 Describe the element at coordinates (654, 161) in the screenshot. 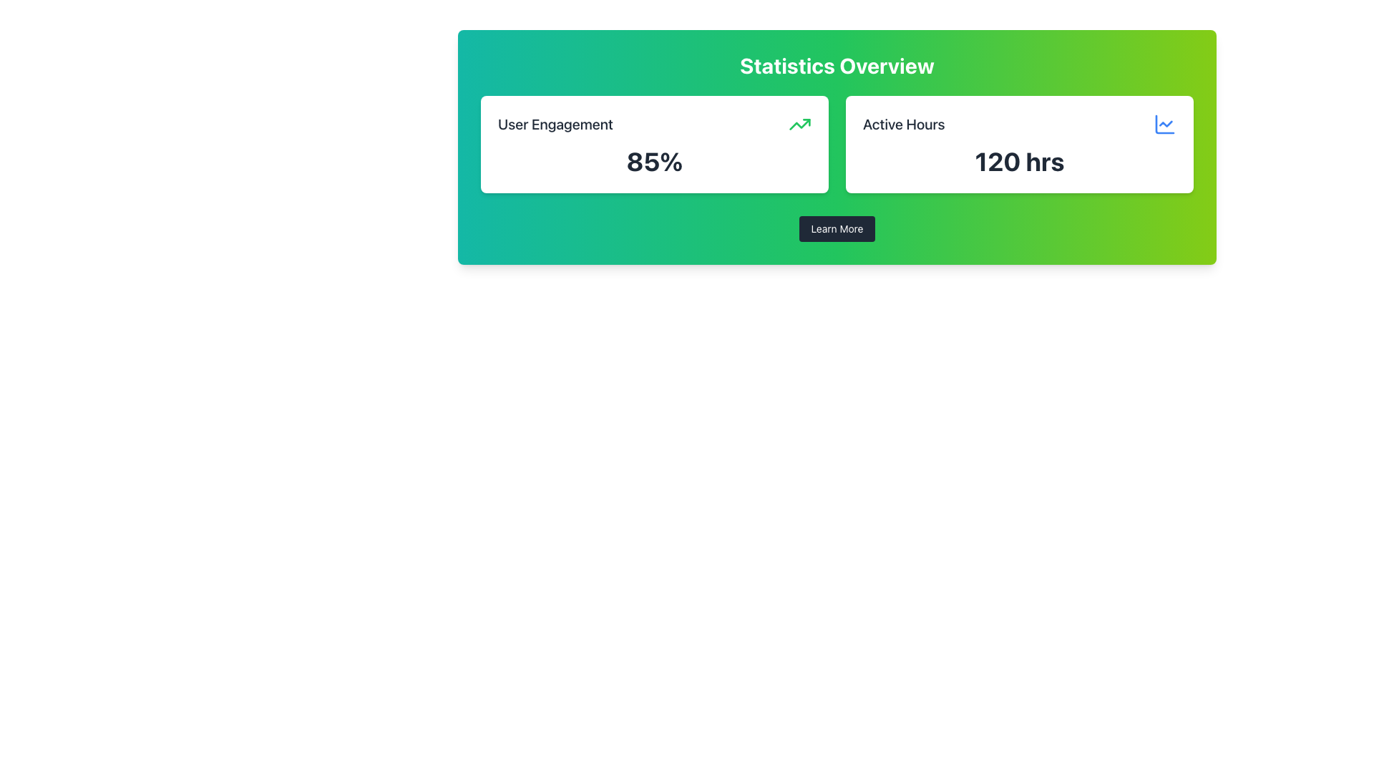

I see `the non-interactive text display showing the percentage value of user engagement, located below the title 'User Engagement' in the left panel of the user interface` at that location.